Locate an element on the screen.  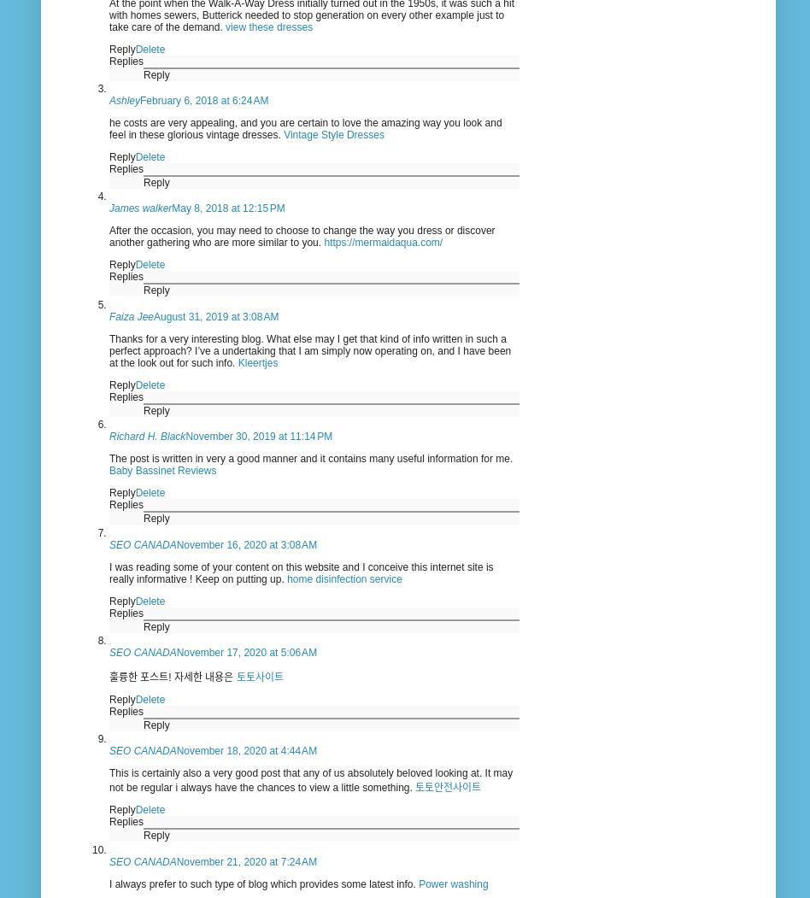
'November 18, 2020 at 4:44 AM' is located at coordinates (175, 749).